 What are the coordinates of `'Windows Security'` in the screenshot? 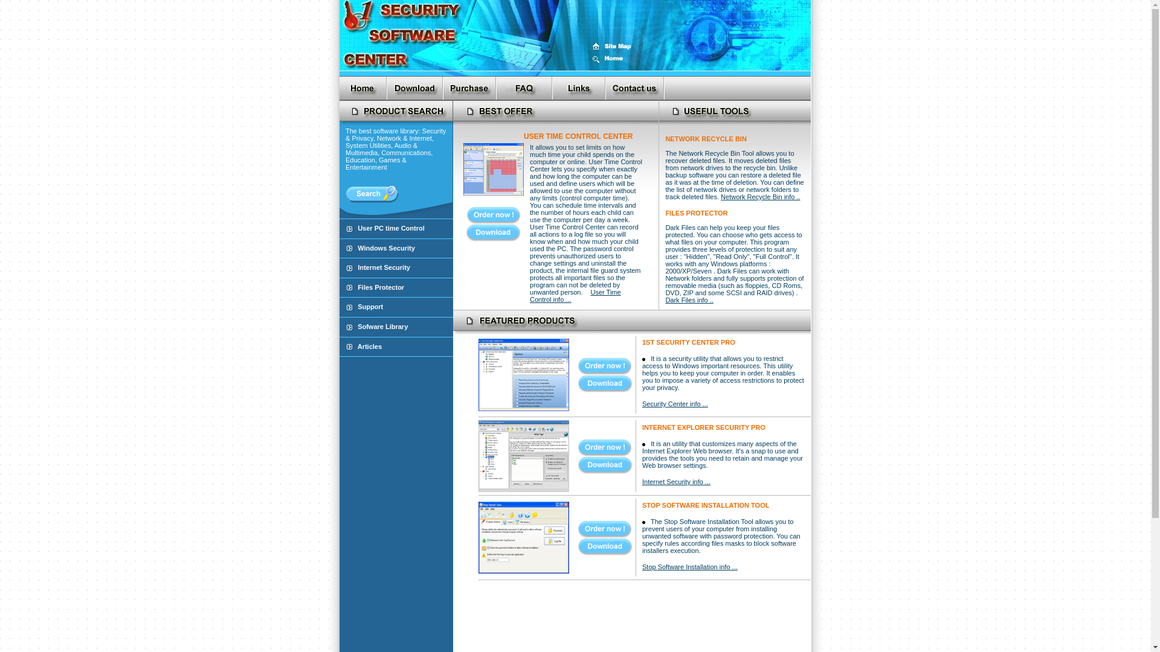 It's located at (385, 248).